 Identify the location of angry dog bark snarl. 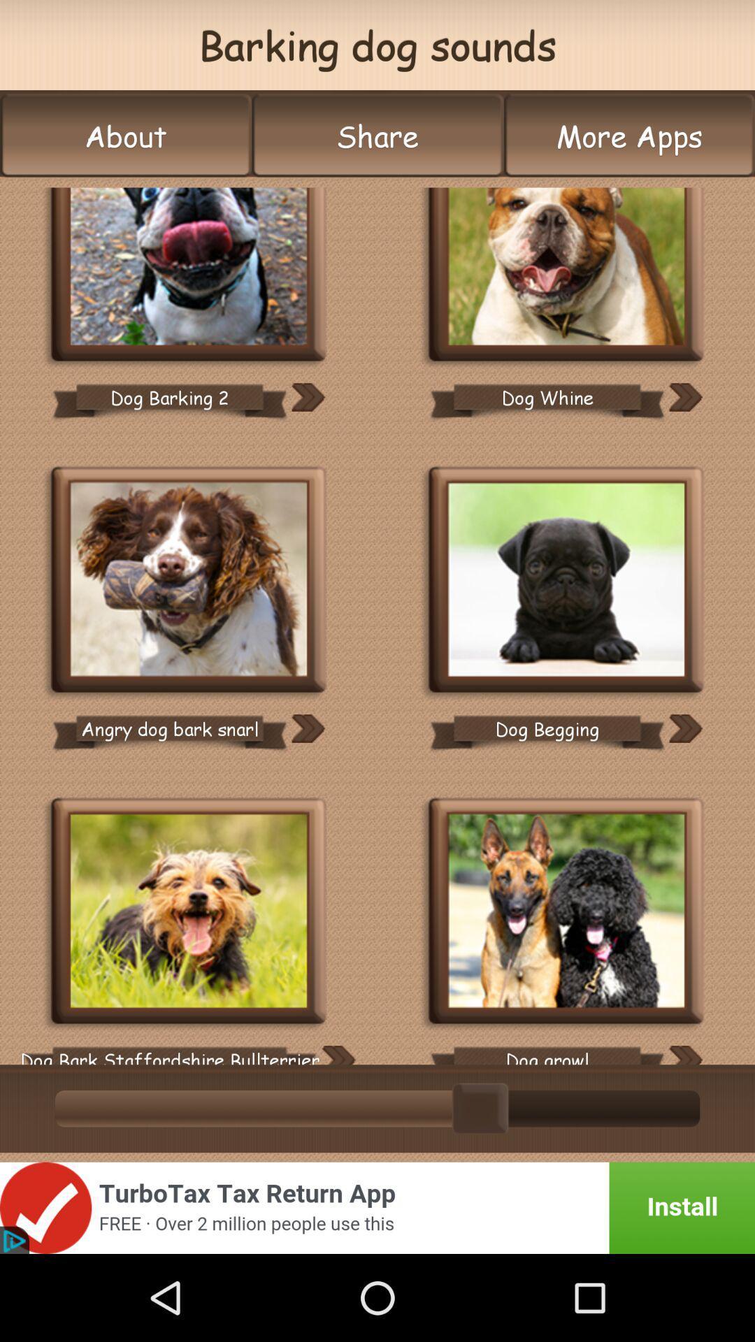
(189, 582).